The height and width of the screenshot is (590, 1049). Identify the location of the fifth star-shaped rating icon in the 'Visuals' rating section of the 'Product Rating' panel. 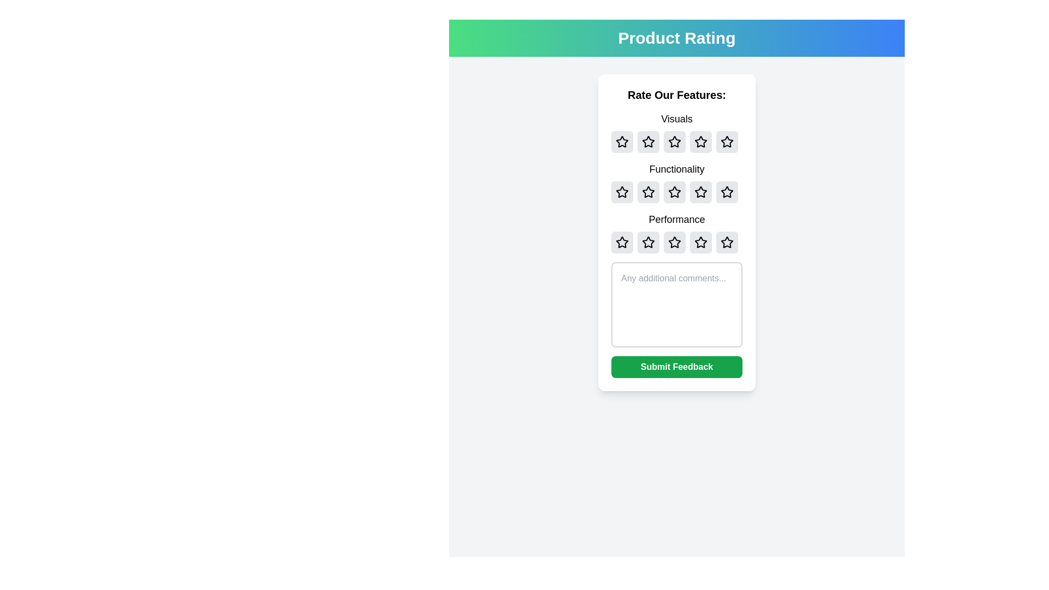
(726, 140).